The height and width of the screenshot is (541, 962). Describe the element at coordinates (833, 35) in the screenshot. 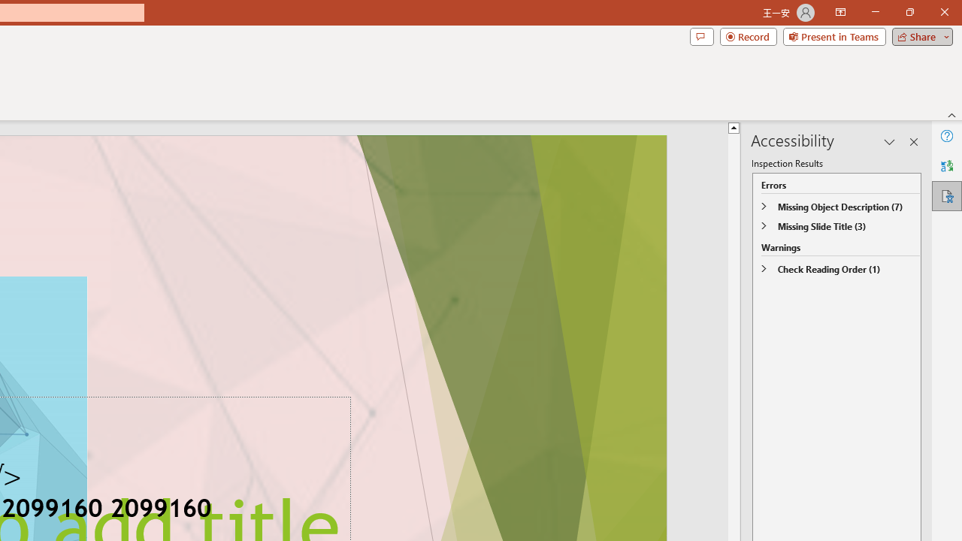

I see `'Present in Teams'` at that location.